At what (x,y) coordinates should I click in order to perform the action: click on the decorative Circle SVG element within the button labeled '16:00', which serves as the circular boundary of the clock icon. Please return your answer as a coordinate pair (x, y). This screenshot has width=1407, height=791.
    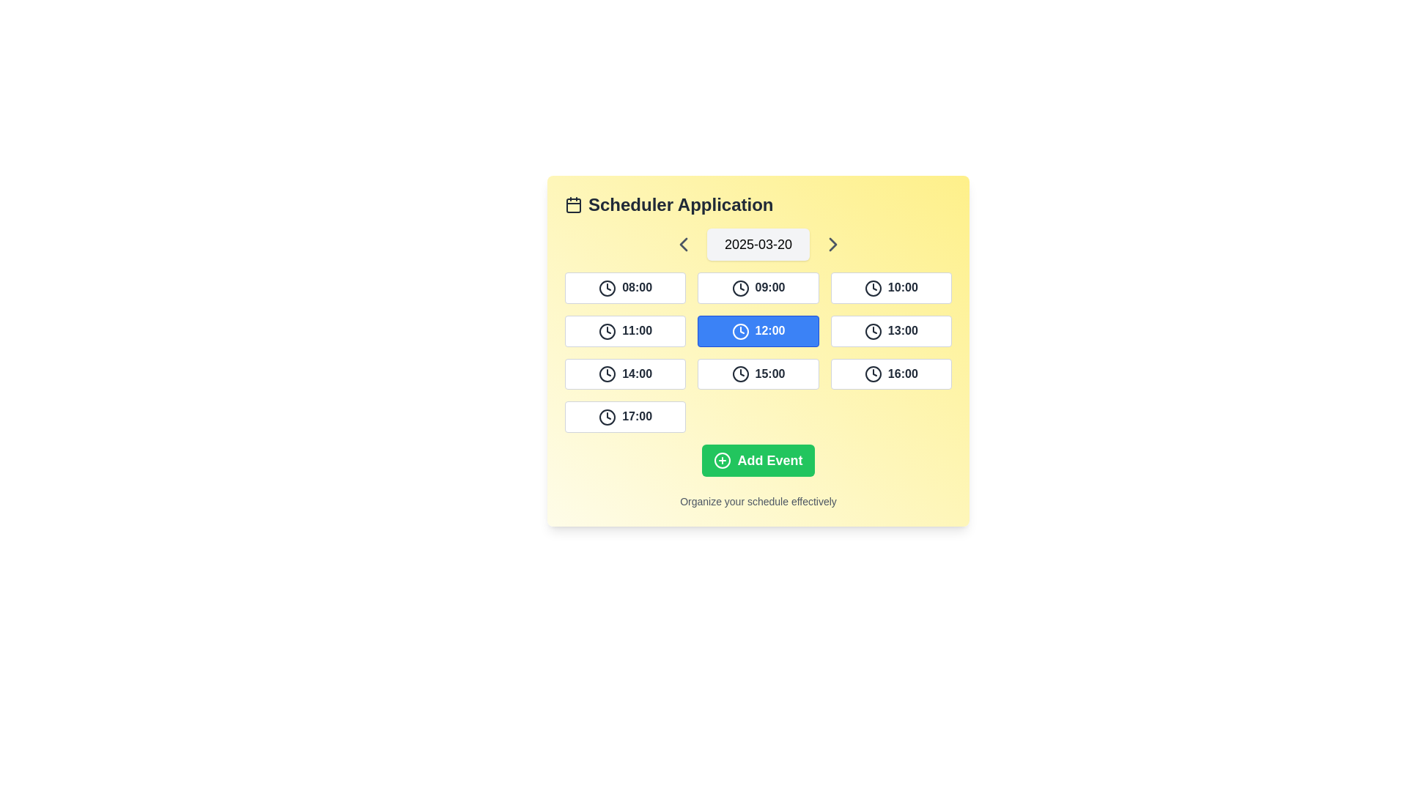
    Looking at the image, I should click on (873, 374).